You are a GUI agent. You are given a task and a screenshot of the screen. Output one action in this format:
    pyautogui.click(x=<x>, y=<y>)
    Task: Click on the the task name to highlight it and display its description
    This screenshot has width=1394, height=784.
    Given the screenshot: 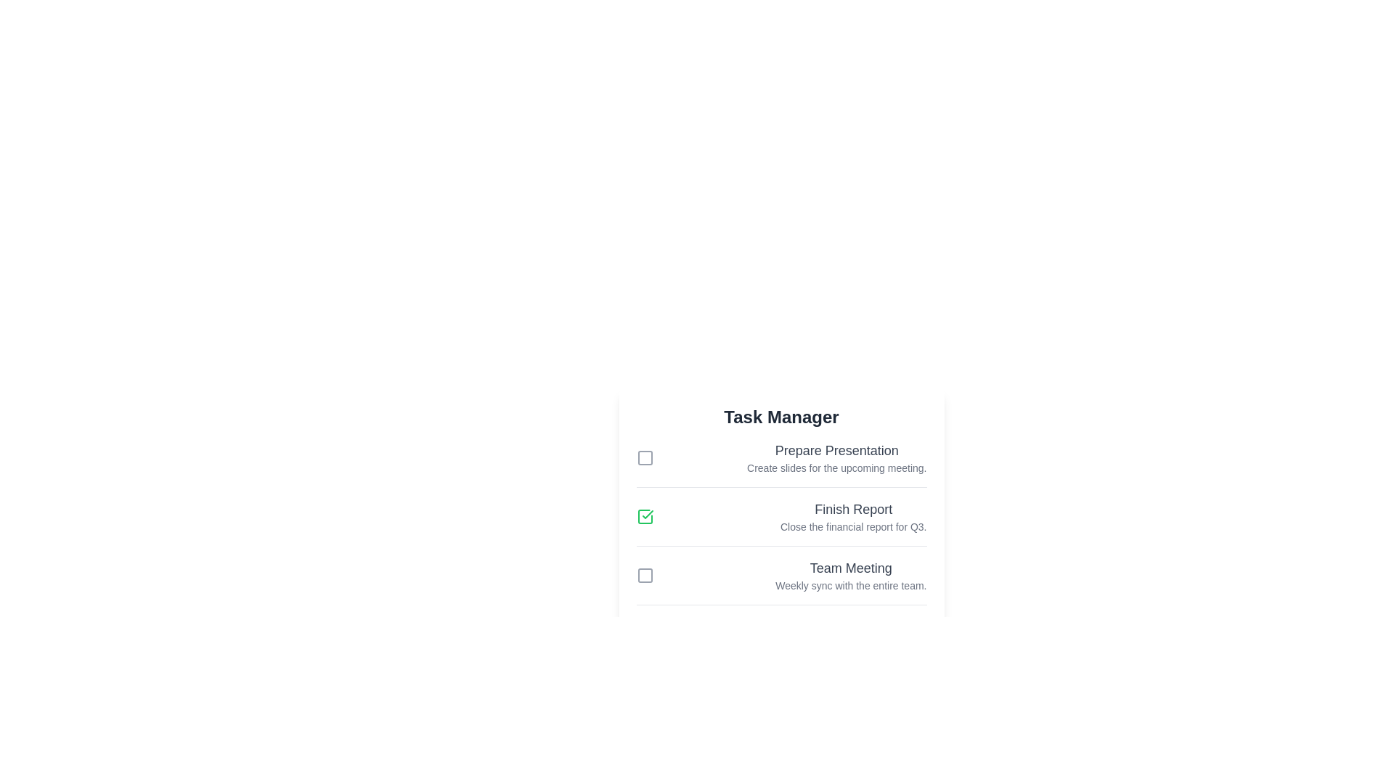 What is the action you would take?
    pyautogui.click(x=836, y=450)
    